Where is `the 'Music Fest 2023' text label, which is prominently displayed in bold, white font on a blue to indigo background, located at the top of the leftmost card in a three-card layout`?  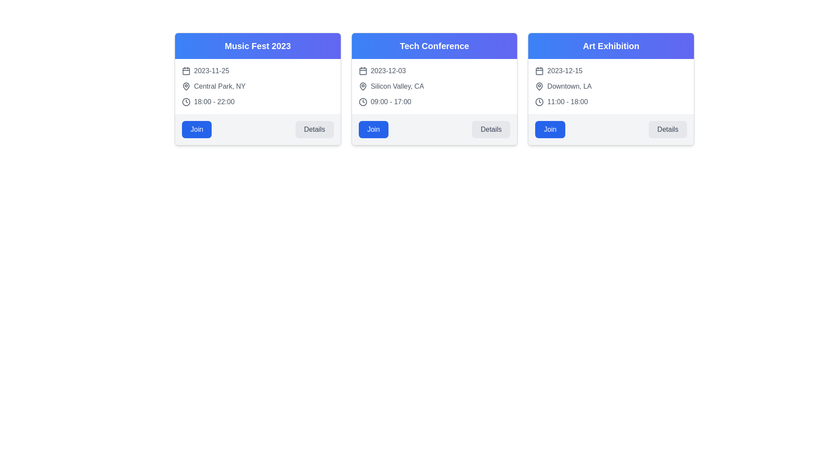
the 'Music Fest 2023' text label, which is prominently displayed in bold, white font on a blue to indigo background, located at the top of the leftmost card in a three-card layout is located at coordinates (257, 46).